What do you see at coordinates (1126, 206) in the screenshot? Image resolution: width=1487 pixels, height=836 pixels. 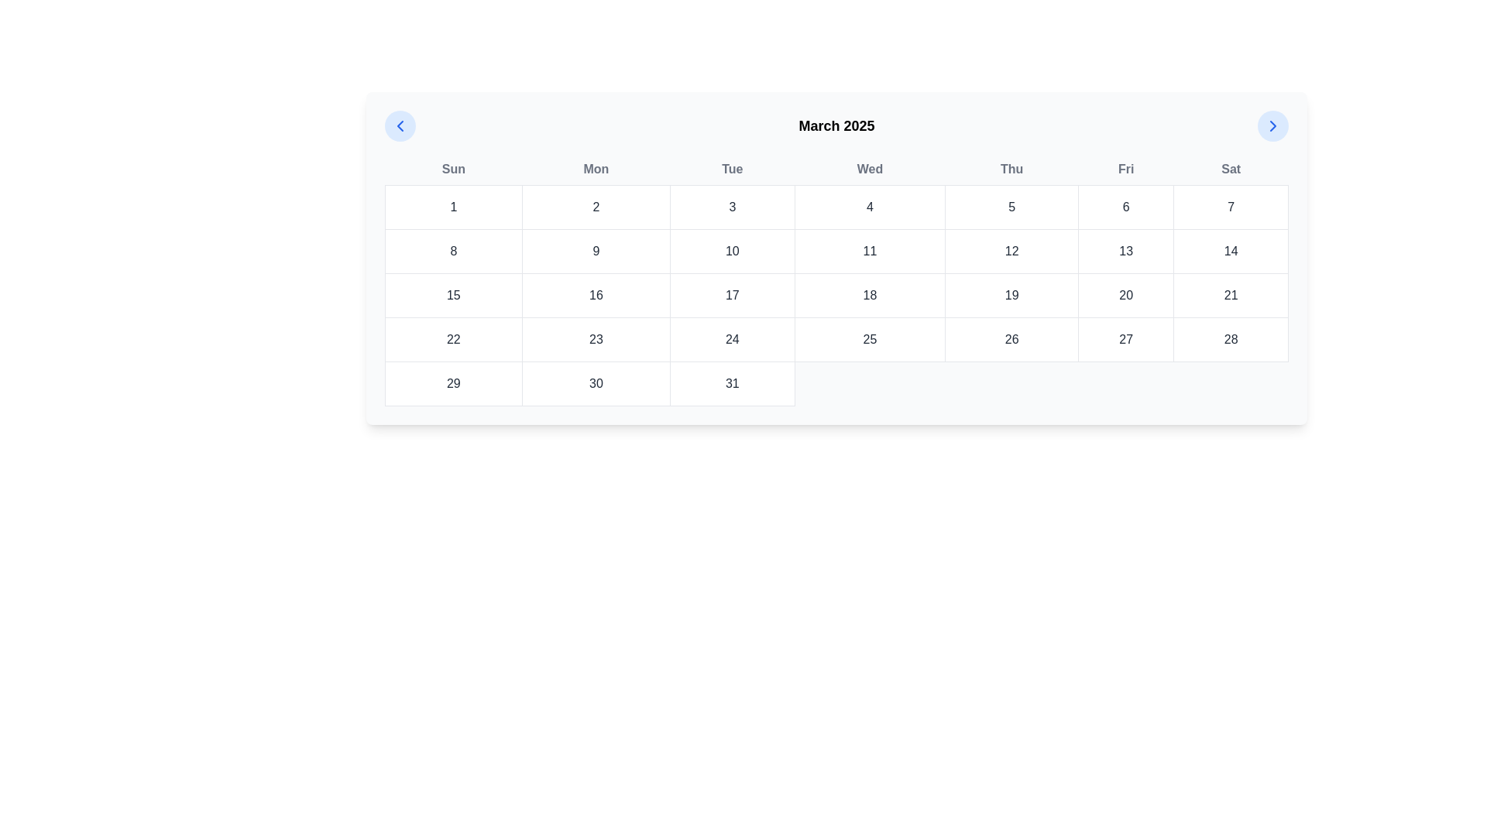 I see `the clickable calendar date cell representing the 6th` at bounding box center [1126, 206].